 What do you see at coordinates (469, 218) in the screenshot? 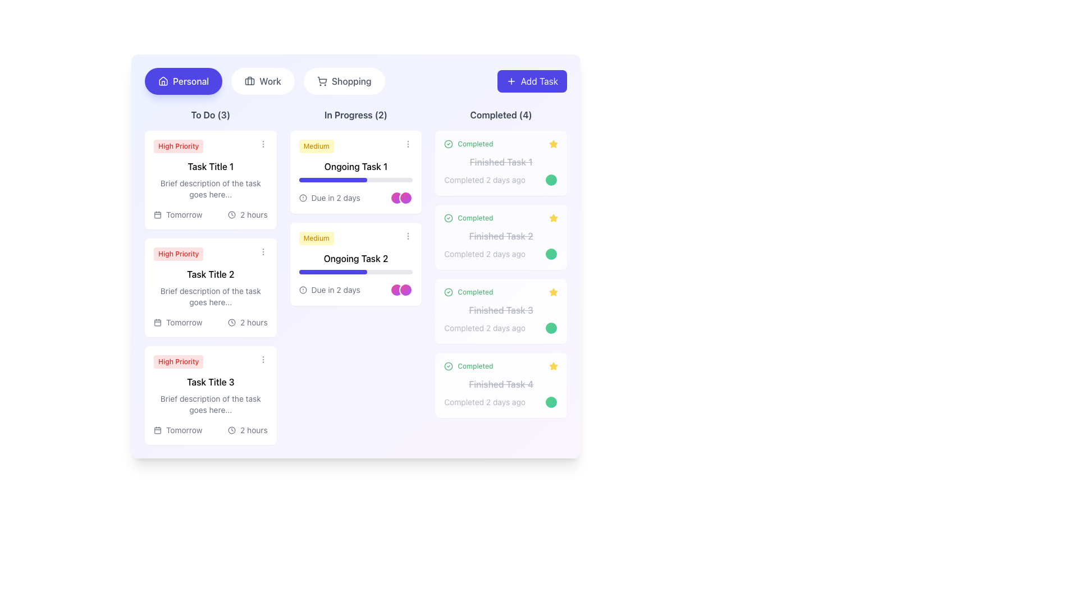
I see `the 'Completed' label with the adjacent checkmark icon, which is the top item in the second card of the 'Completed' task column` at bounding box center [469, 218].